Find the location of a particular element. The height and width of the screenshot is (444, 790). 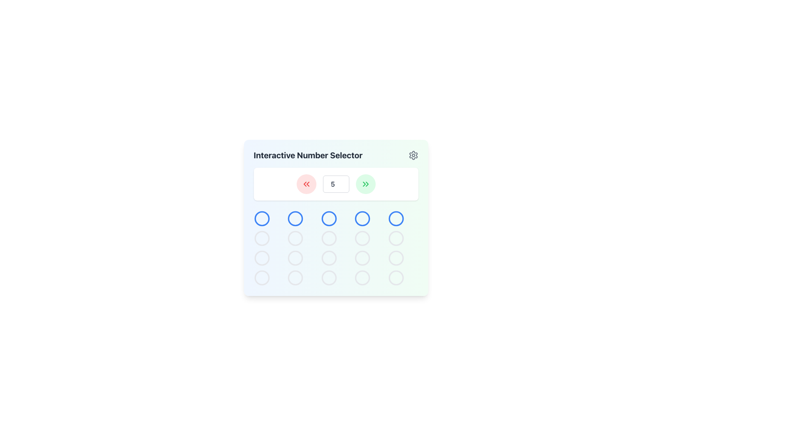

the small circular graphic element with a blue outline and a white interior, which is the second circle in the first row of a grid of circles is located at coordinates (295, 218).